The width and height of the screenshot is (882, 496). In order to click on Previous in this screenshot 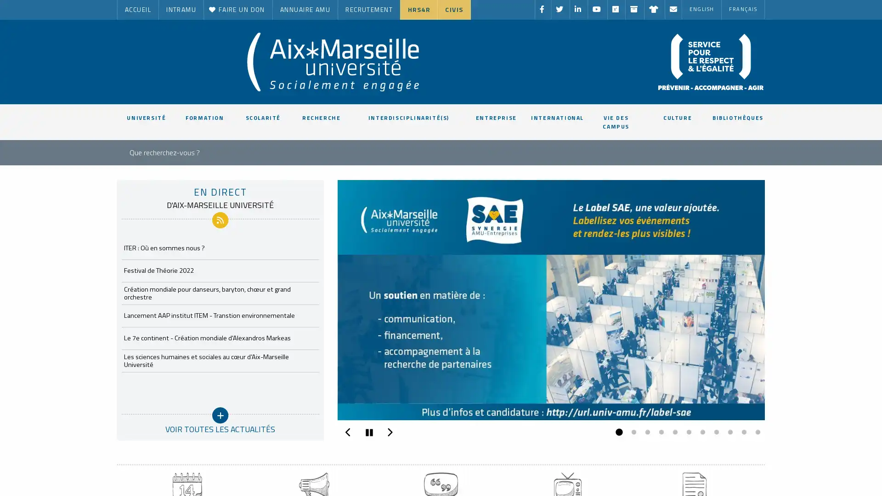, I will do `click(348, 430)`.